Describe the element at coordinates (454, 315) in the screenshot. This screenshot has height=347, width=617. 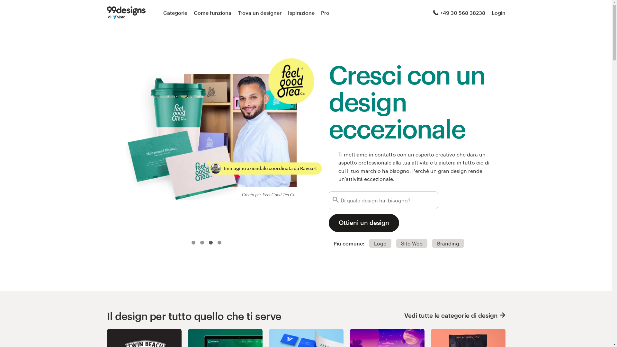
I see `'Vedi tutte le categorie di design'` at that location.